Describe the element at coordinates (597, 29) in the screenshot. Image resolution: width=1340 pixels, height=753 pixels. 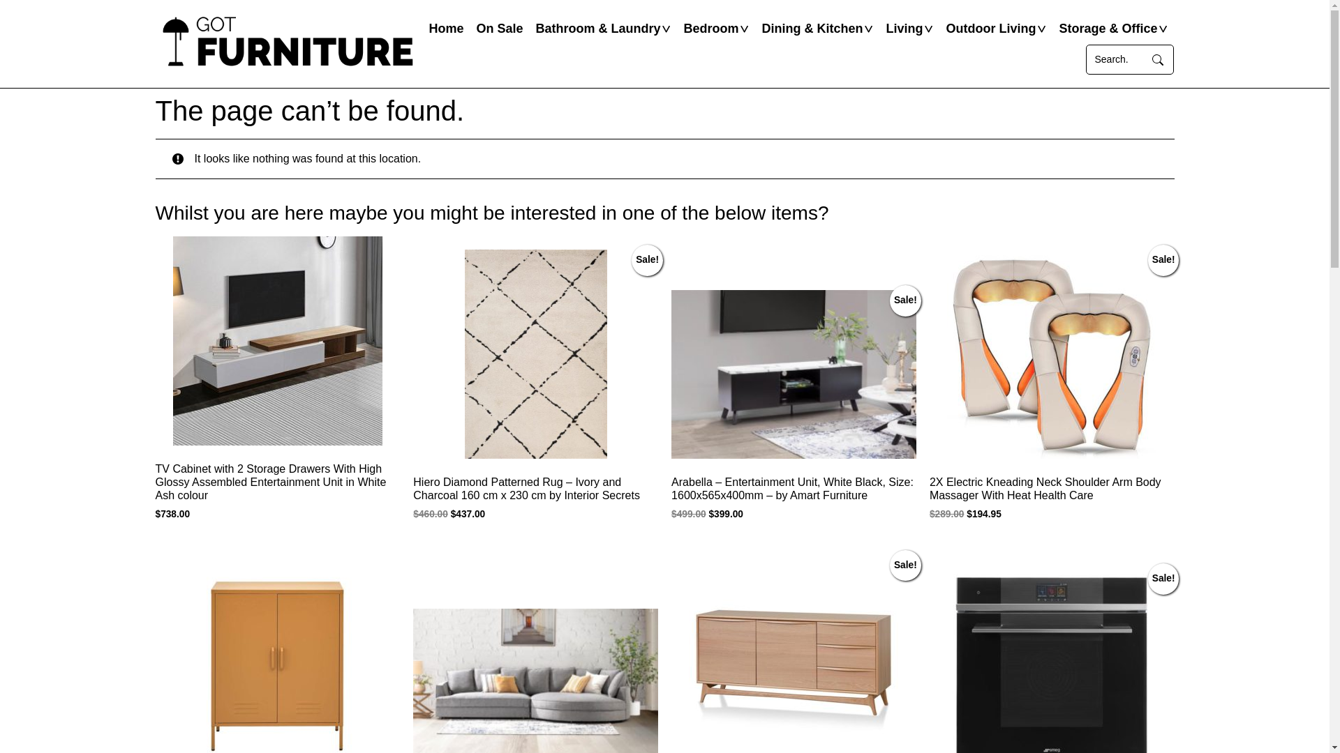
I see `'Bathroom & Laundry'` at that location.